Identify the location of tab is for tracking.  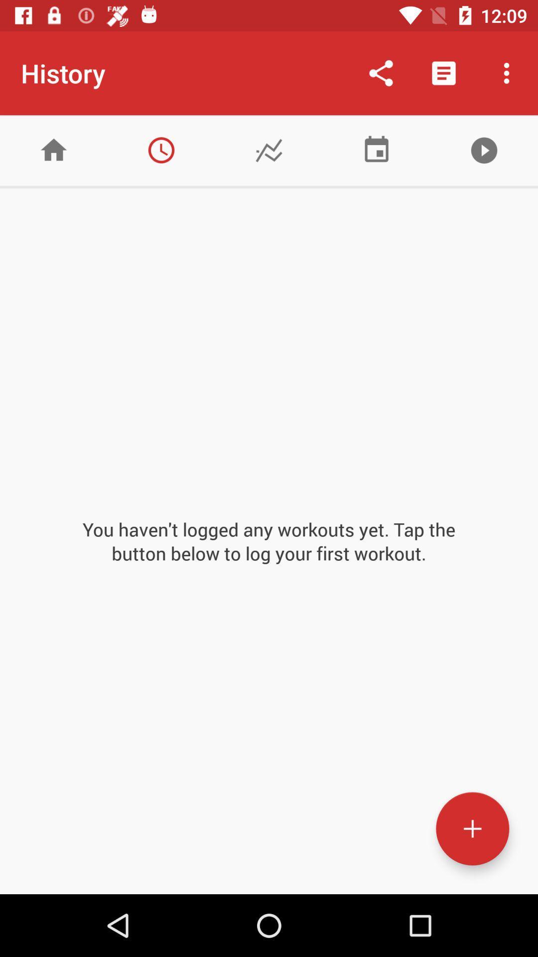
(269, 150).